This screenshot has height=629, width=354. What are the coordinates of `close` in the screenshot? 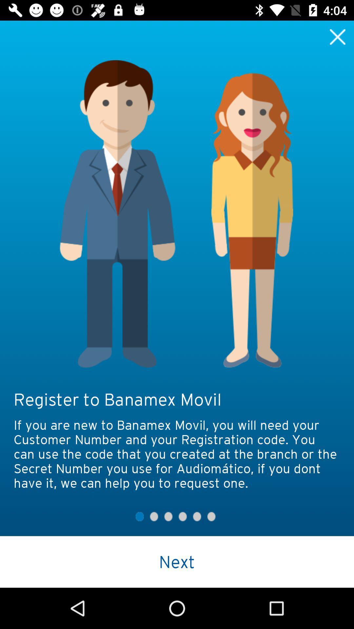 It's located at (338, 36).